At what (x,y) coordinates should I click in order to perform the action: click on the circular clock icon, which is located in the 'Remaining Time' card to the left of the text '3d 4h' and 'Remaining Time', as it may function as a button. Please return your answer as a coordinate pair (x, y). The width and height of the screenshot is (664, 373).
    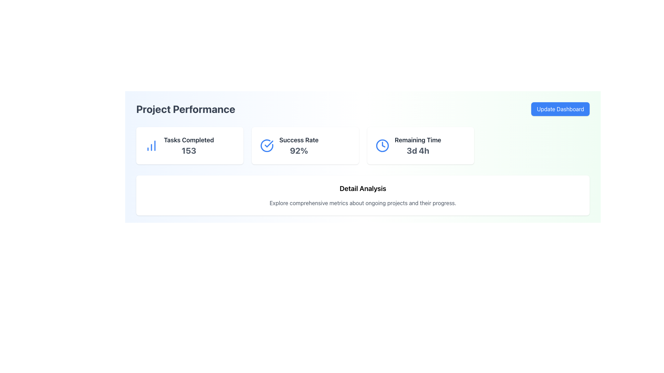
    Looking at the image, I should click on (382, 145).